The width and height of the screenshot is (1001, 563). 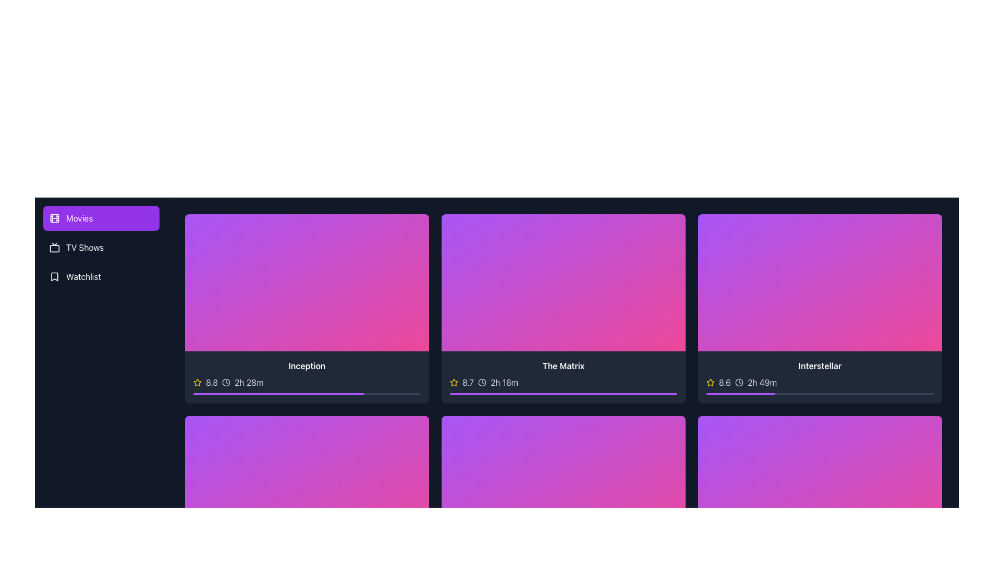 I want to click on the visual placeholder or thumbnail with a gradient background transitioning from purple to pink, located in the bottom-right card of the grid layout, below the title 'Interstellar', so click(x=820, y=484).